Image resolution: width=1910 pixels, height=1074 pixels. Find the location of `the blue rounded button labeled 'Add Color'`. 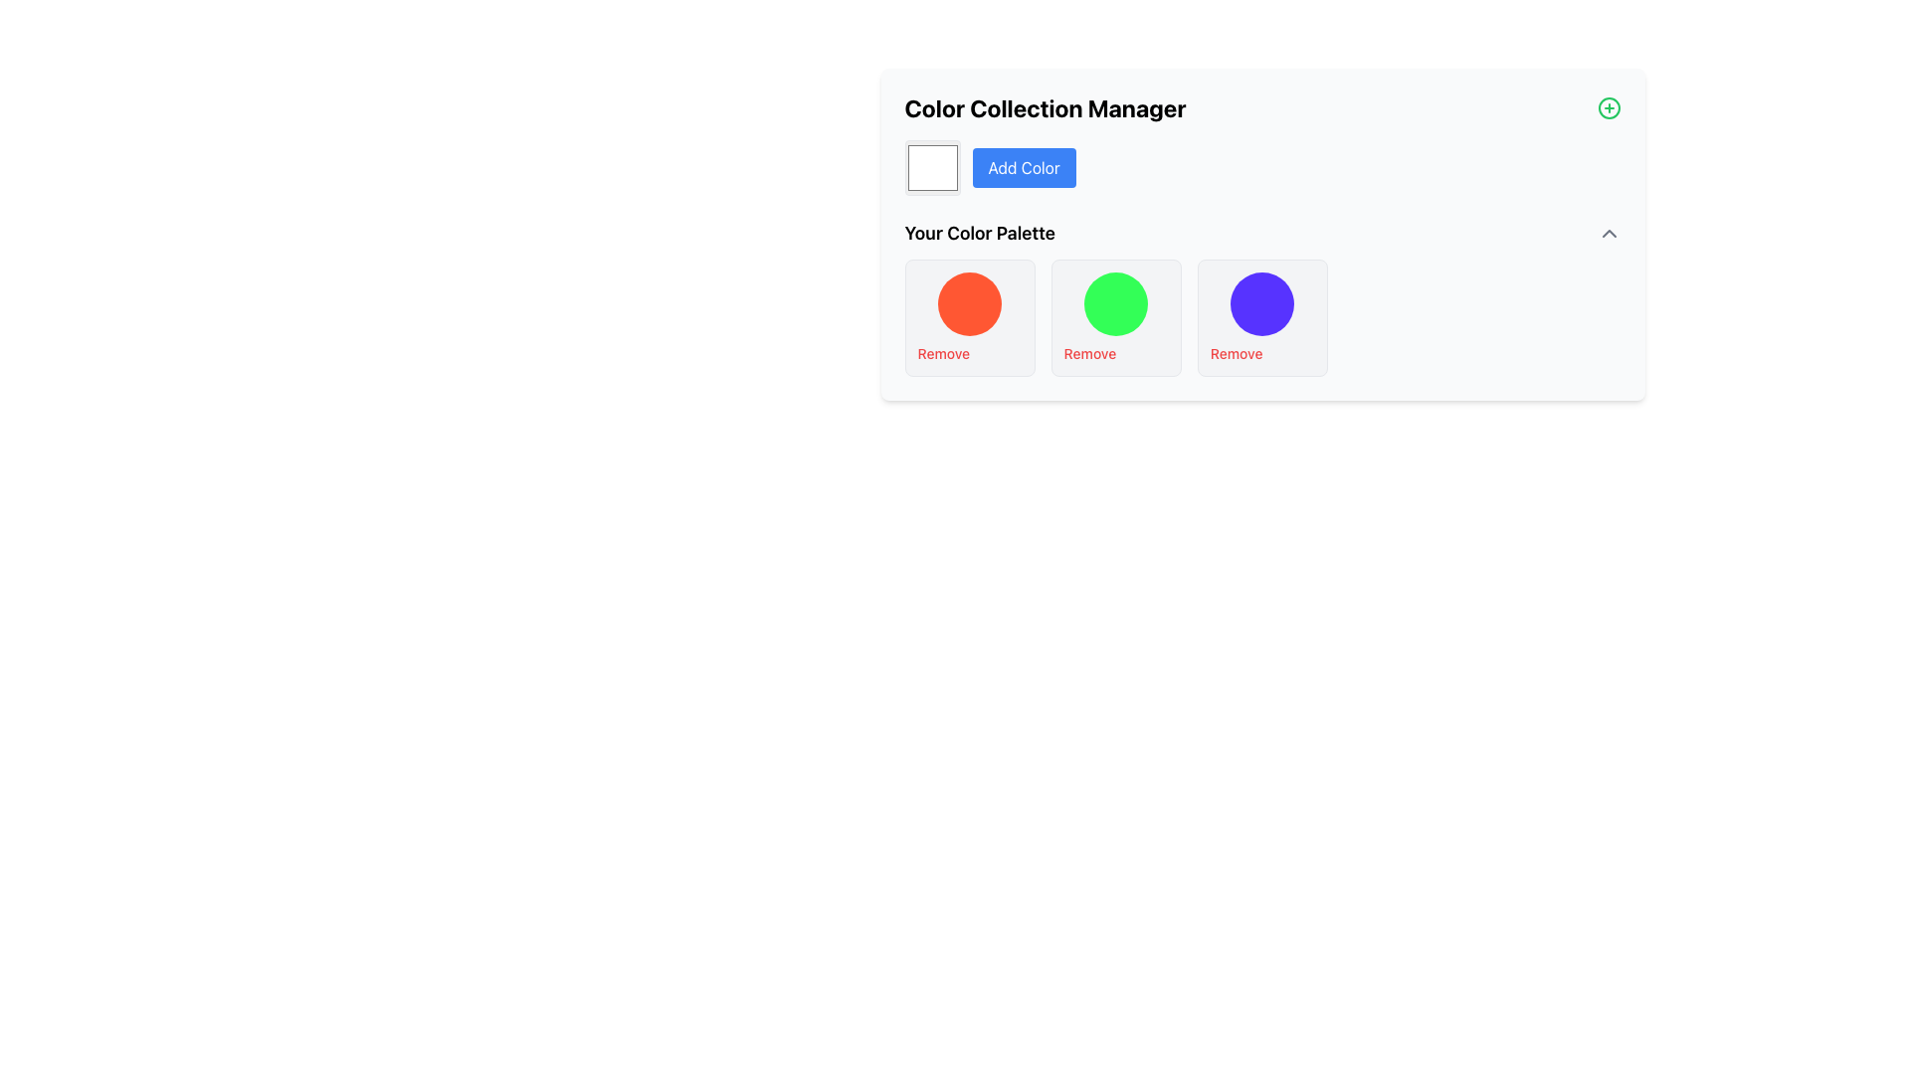

the blue rounded button labeled 'Add Color' is located at coordinates (1024, 167).